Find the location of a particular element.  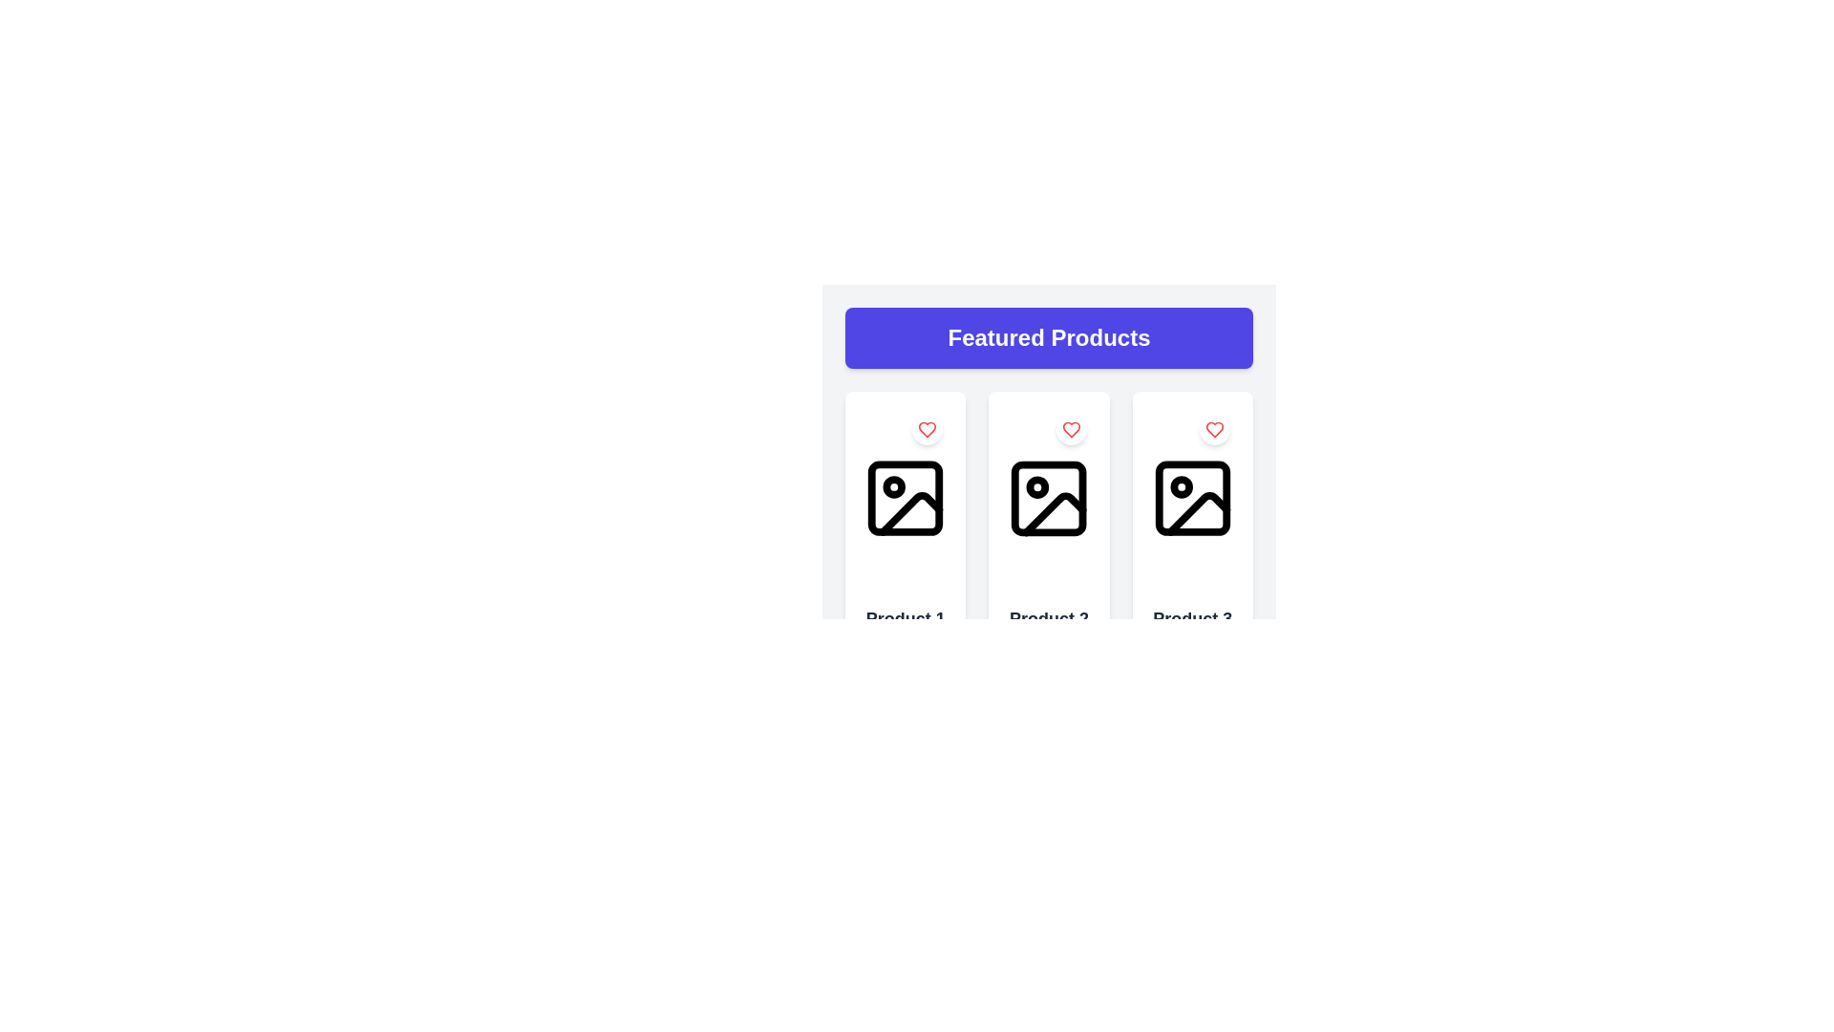

the favorite button/icon located in the top-right corner of the first product card in the Featured Products section is located at coordinates (928, 430).